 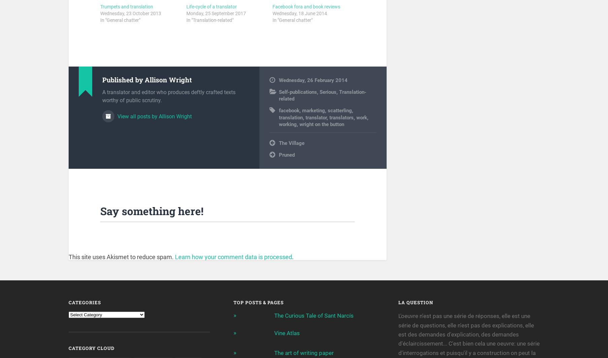 I want to click on 'translator', so click(x=315, y=119).